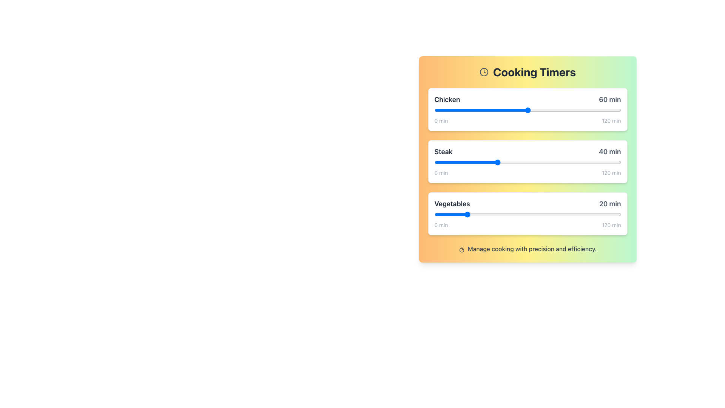  Describe the element at coordinates (543, 162) in the screenshot. I see `the timer value for the slider` at that location.